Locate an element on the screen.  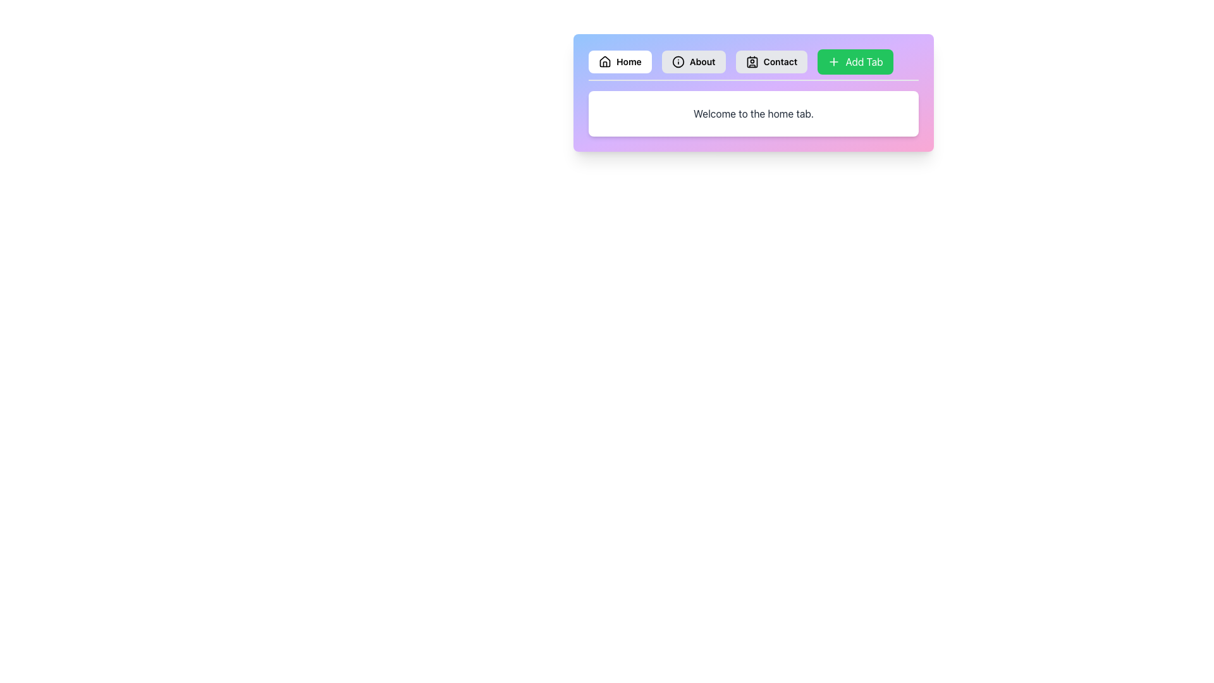
the circular background of the information icon in the 'About' button located in the navigation bar at the top of the interface is located at coordinates (677, 61).